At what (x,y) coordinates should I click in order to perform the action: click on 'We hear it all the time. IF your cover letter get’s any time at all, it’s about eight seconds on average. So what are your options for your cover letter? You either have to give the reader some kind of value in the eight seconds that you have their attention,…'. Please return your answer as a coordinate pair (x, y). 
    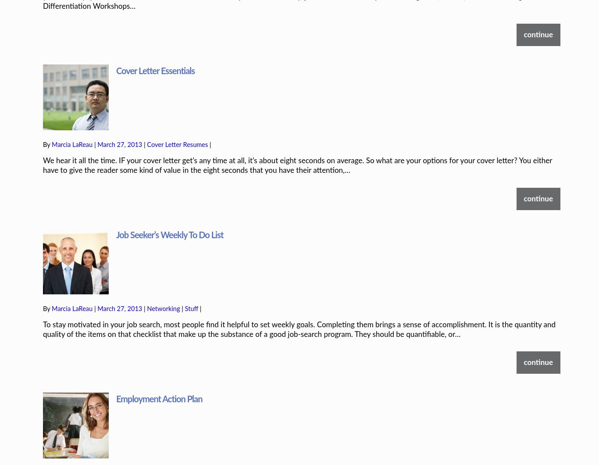
    Looking at the image, I should click on (43, 135).